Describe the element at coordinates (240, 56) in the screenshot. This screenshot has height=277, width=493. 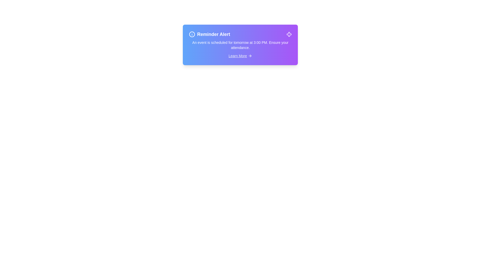
I see `the 'Learn More' link in the EnhancedAlert component` at that location.